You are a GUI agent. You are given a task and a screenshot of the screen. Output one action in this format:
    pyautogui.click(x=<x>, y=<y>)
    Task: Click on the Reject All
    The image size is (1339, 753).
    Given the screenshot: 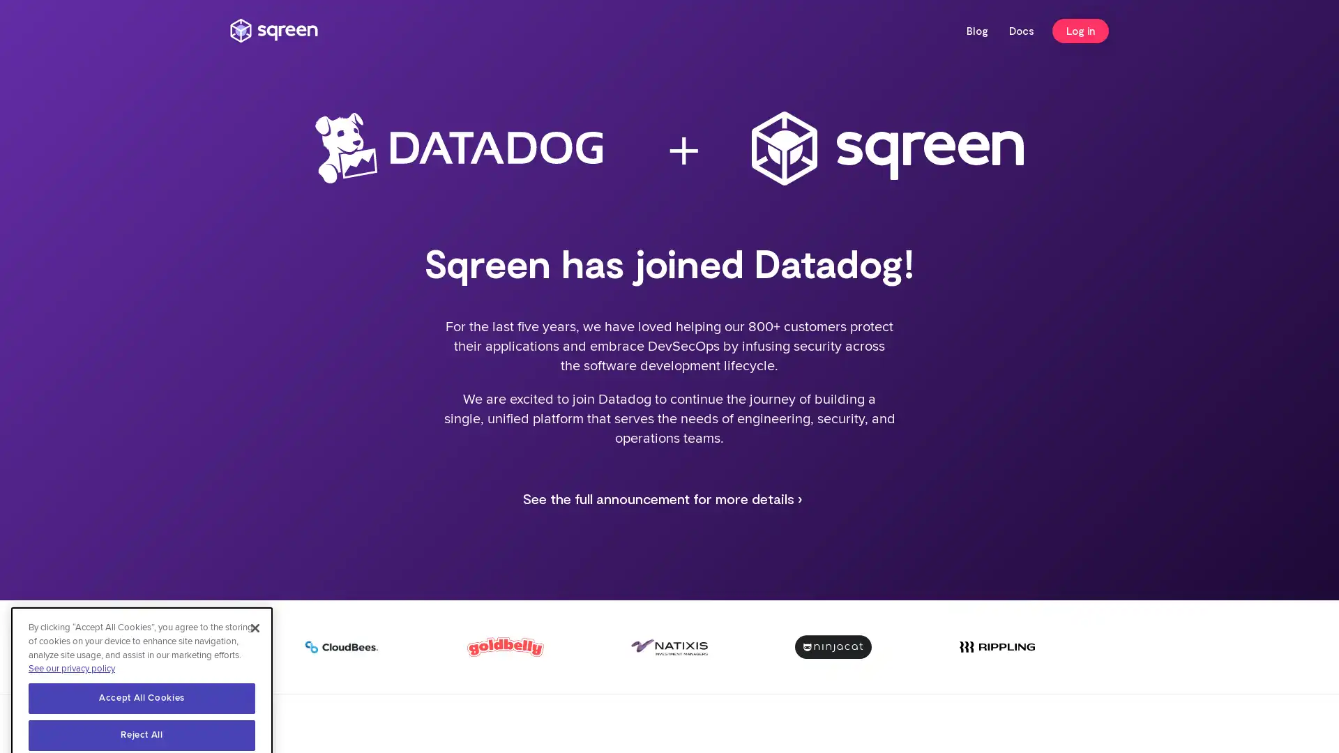 What is the action you would take?
    pyautogui.click(x=142, y=701)
    